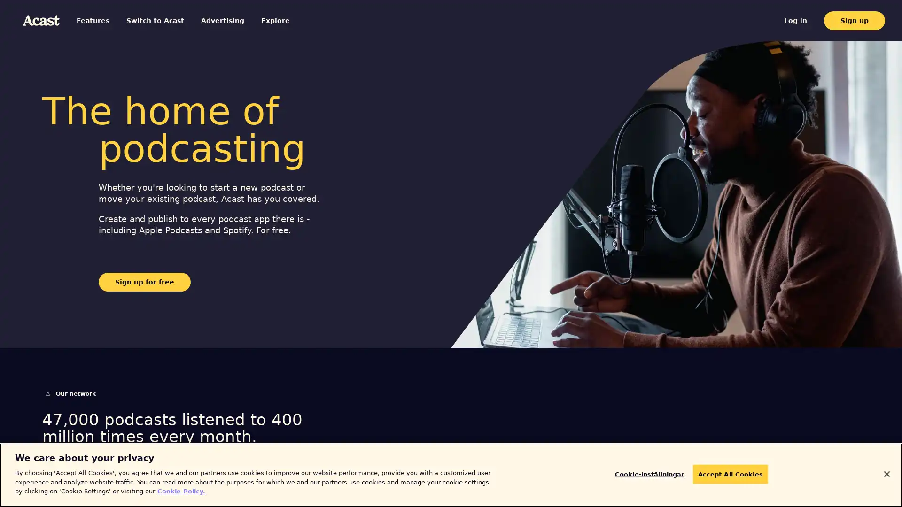 This screenshot has width=902, height=507. I want to click on Go to the homepage, so click(40, 20).